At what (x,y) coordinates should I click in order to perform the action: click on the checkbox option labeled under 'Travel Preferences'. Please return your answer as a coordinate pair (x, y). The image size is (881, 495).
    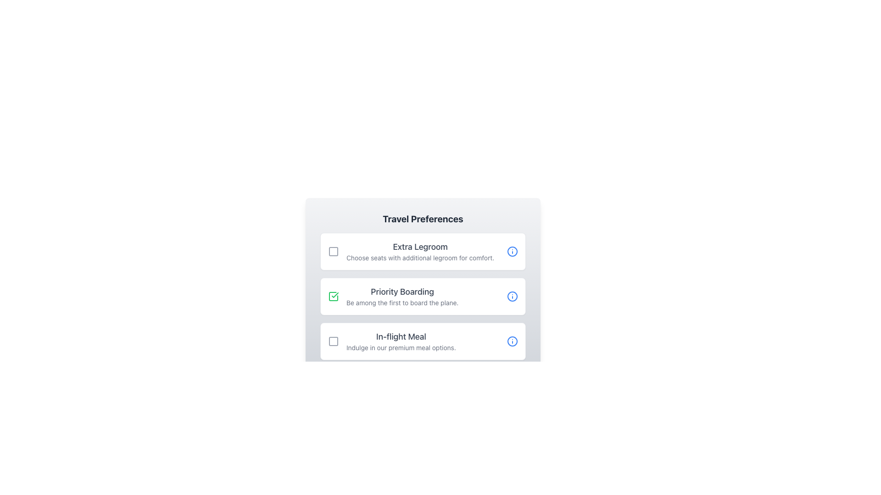
    Looking at the image, I should click on (422, 297).